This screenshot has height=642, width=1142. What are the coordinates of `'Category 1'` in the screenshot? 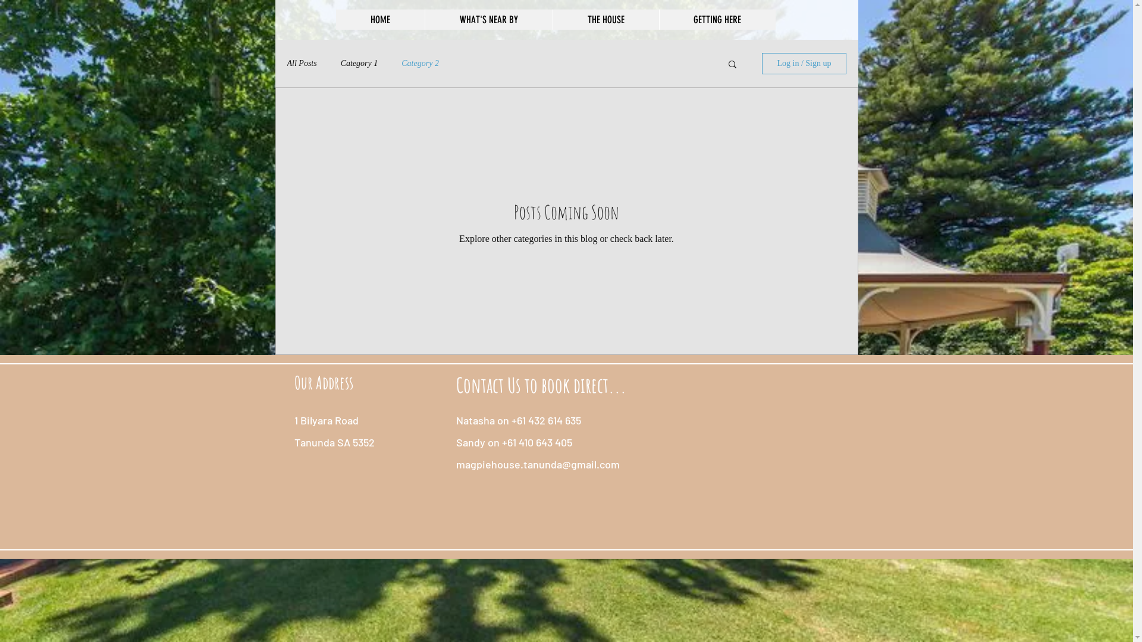 It's located at (359, 64).